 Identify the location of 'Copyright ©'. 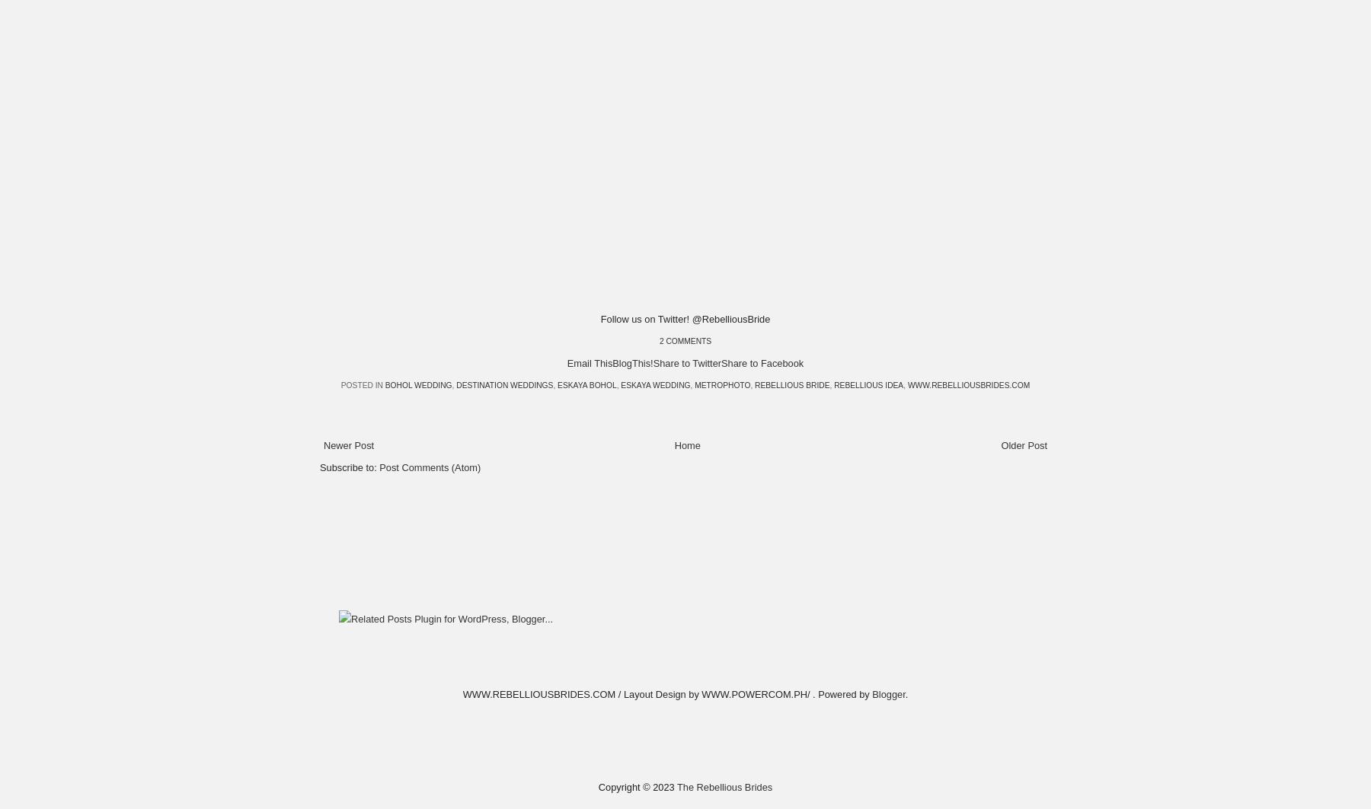
(625, 785).